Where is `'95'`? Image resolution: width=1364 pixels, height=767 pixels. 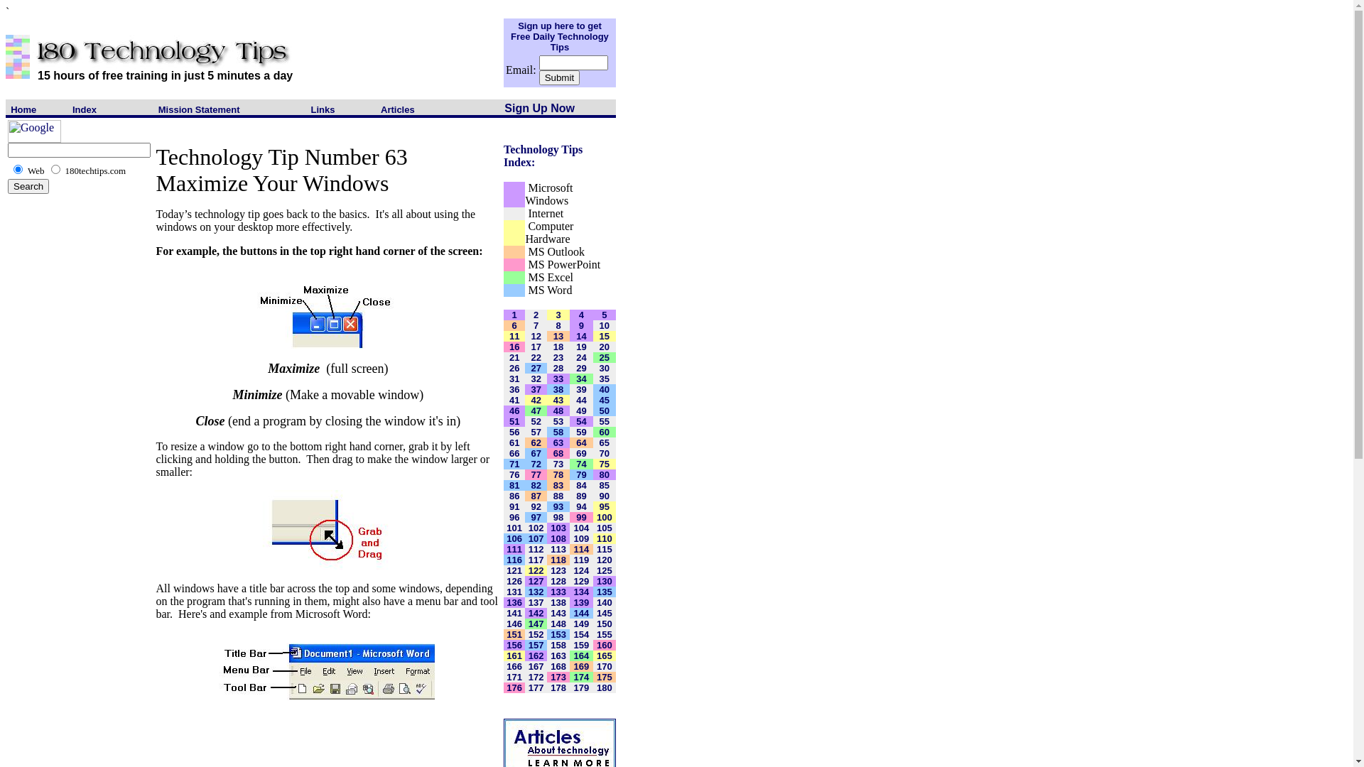
'95' is located at coordinates (604, 505).